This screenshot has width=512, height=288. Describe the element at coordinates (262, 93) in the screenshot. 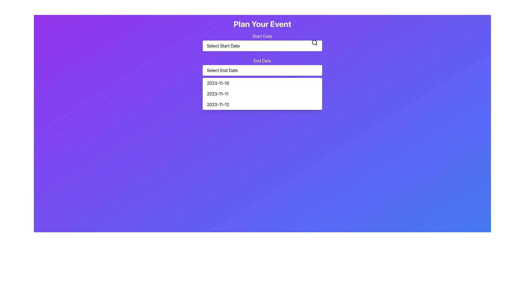

I see `the Dropdown list for selecting end date options located below the 'Select End Date' input field to choose a date` at that location.